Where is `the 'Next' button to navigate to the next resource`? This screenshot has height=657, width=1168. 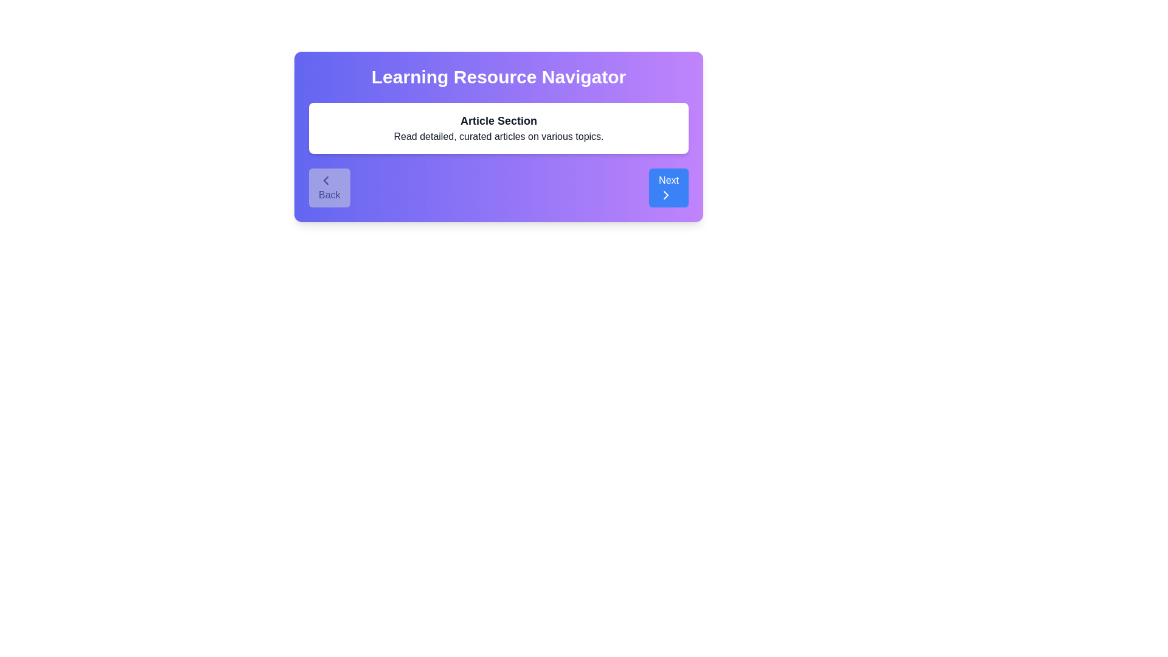 the 'Next' button to navigate to the next resource is located at coordinates (668, 187).